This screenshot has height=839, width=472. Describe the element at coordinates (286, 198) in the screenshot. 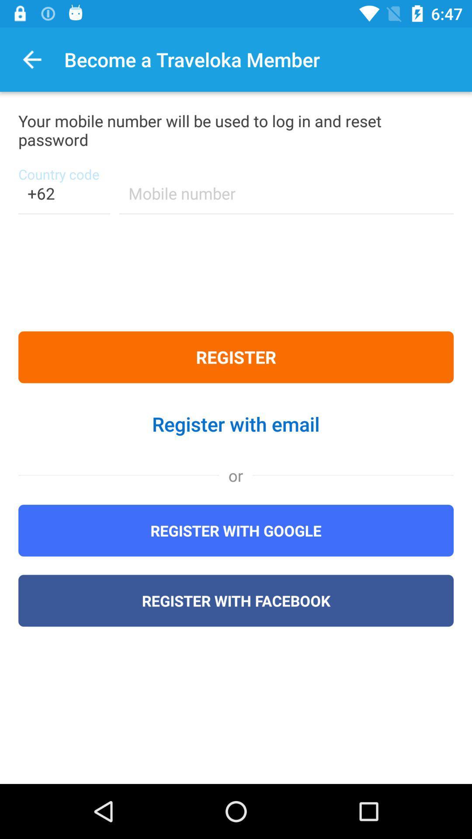

I see `mobile number` at that location.